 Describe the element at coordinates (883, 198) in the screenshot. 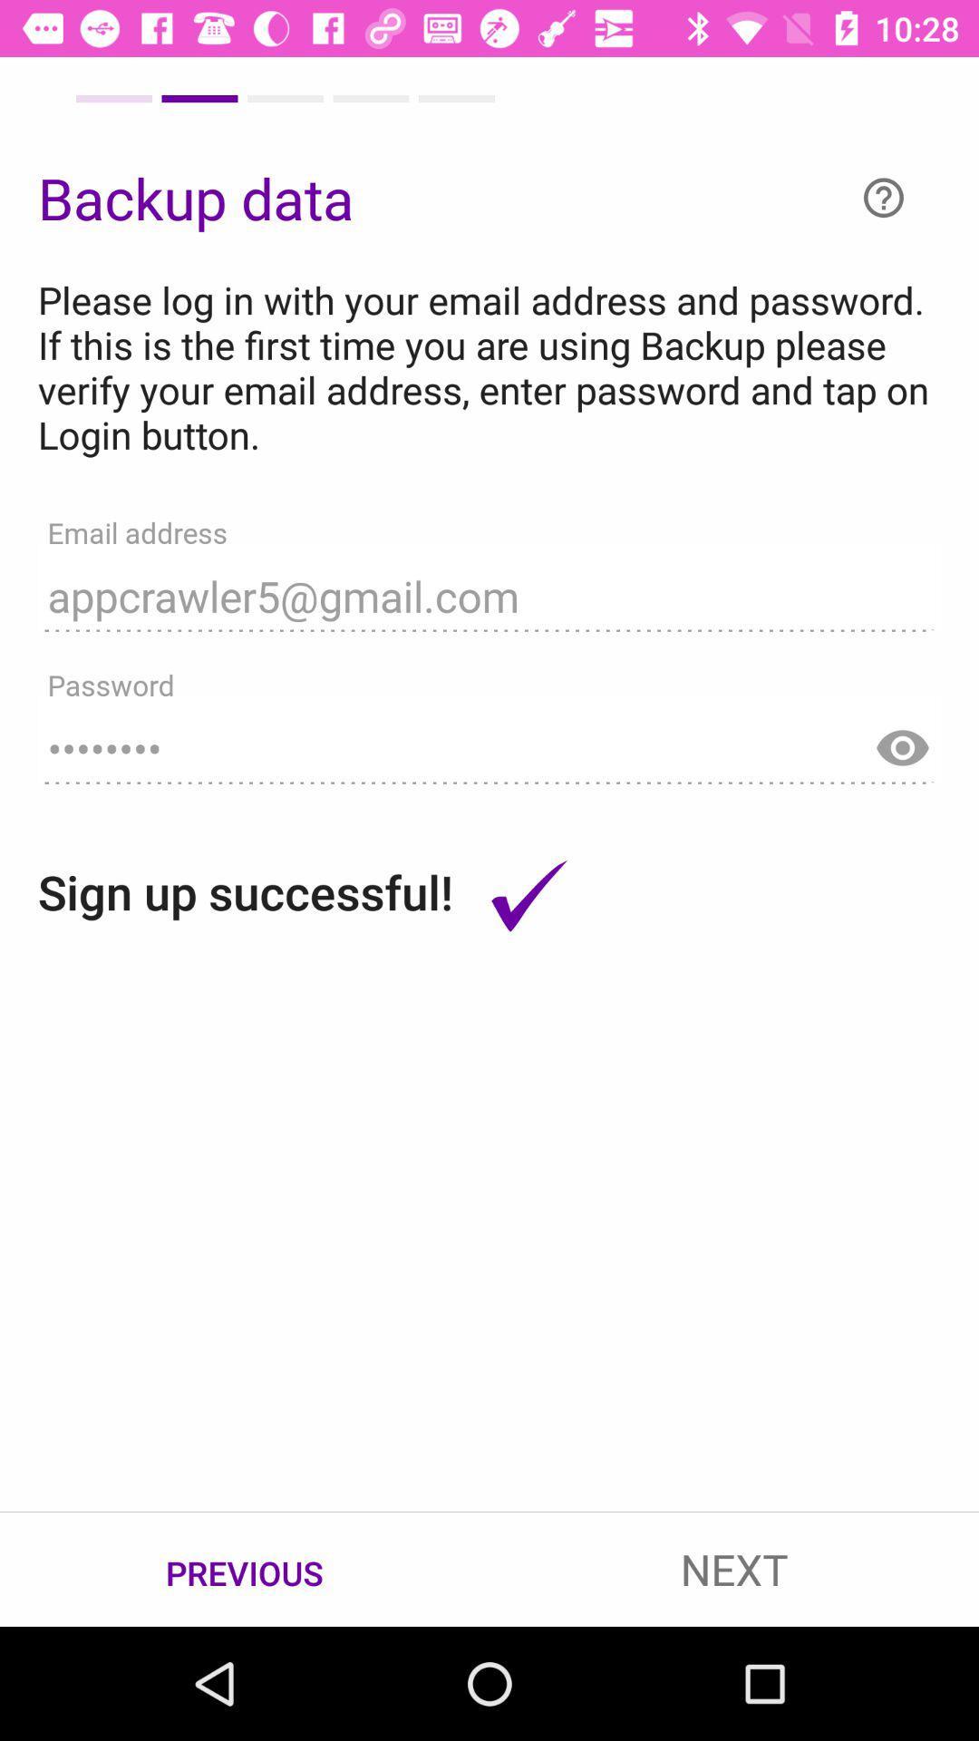

I see `the icon next to the backup data item` at that location.